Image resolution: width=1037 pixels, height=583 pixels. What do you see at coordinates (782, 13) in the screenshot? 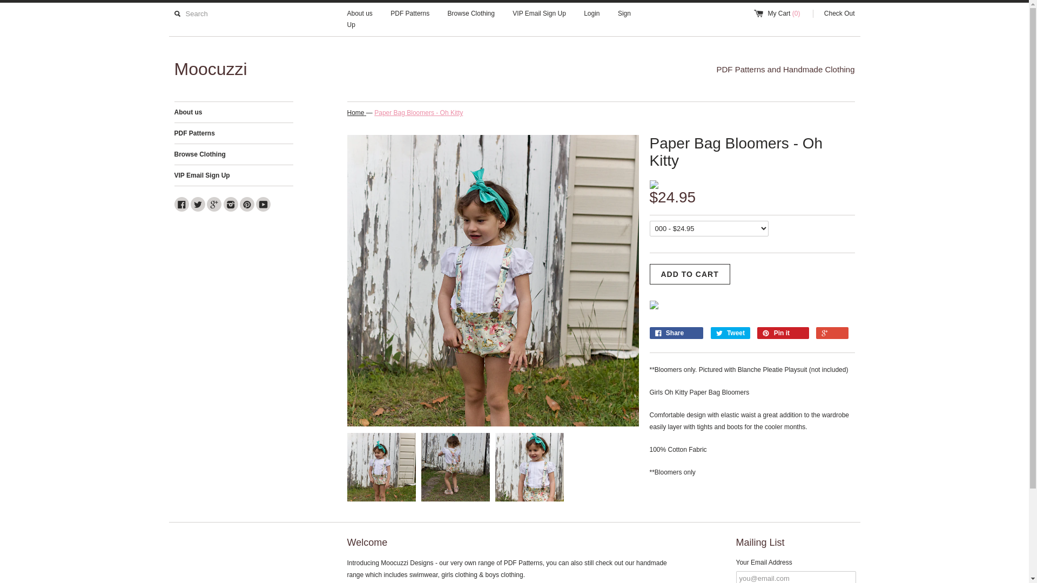
I see `'My Cart (0)'` at bounding box center [782, 13].